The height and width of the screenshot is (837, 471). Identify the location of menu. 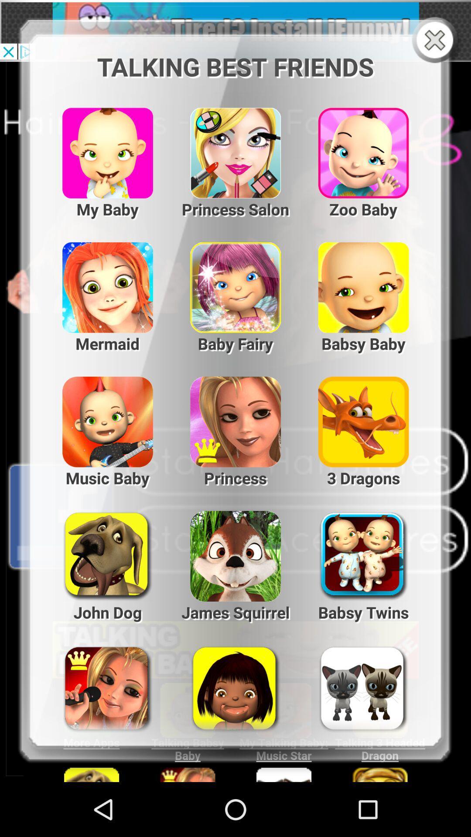
(437, 41).